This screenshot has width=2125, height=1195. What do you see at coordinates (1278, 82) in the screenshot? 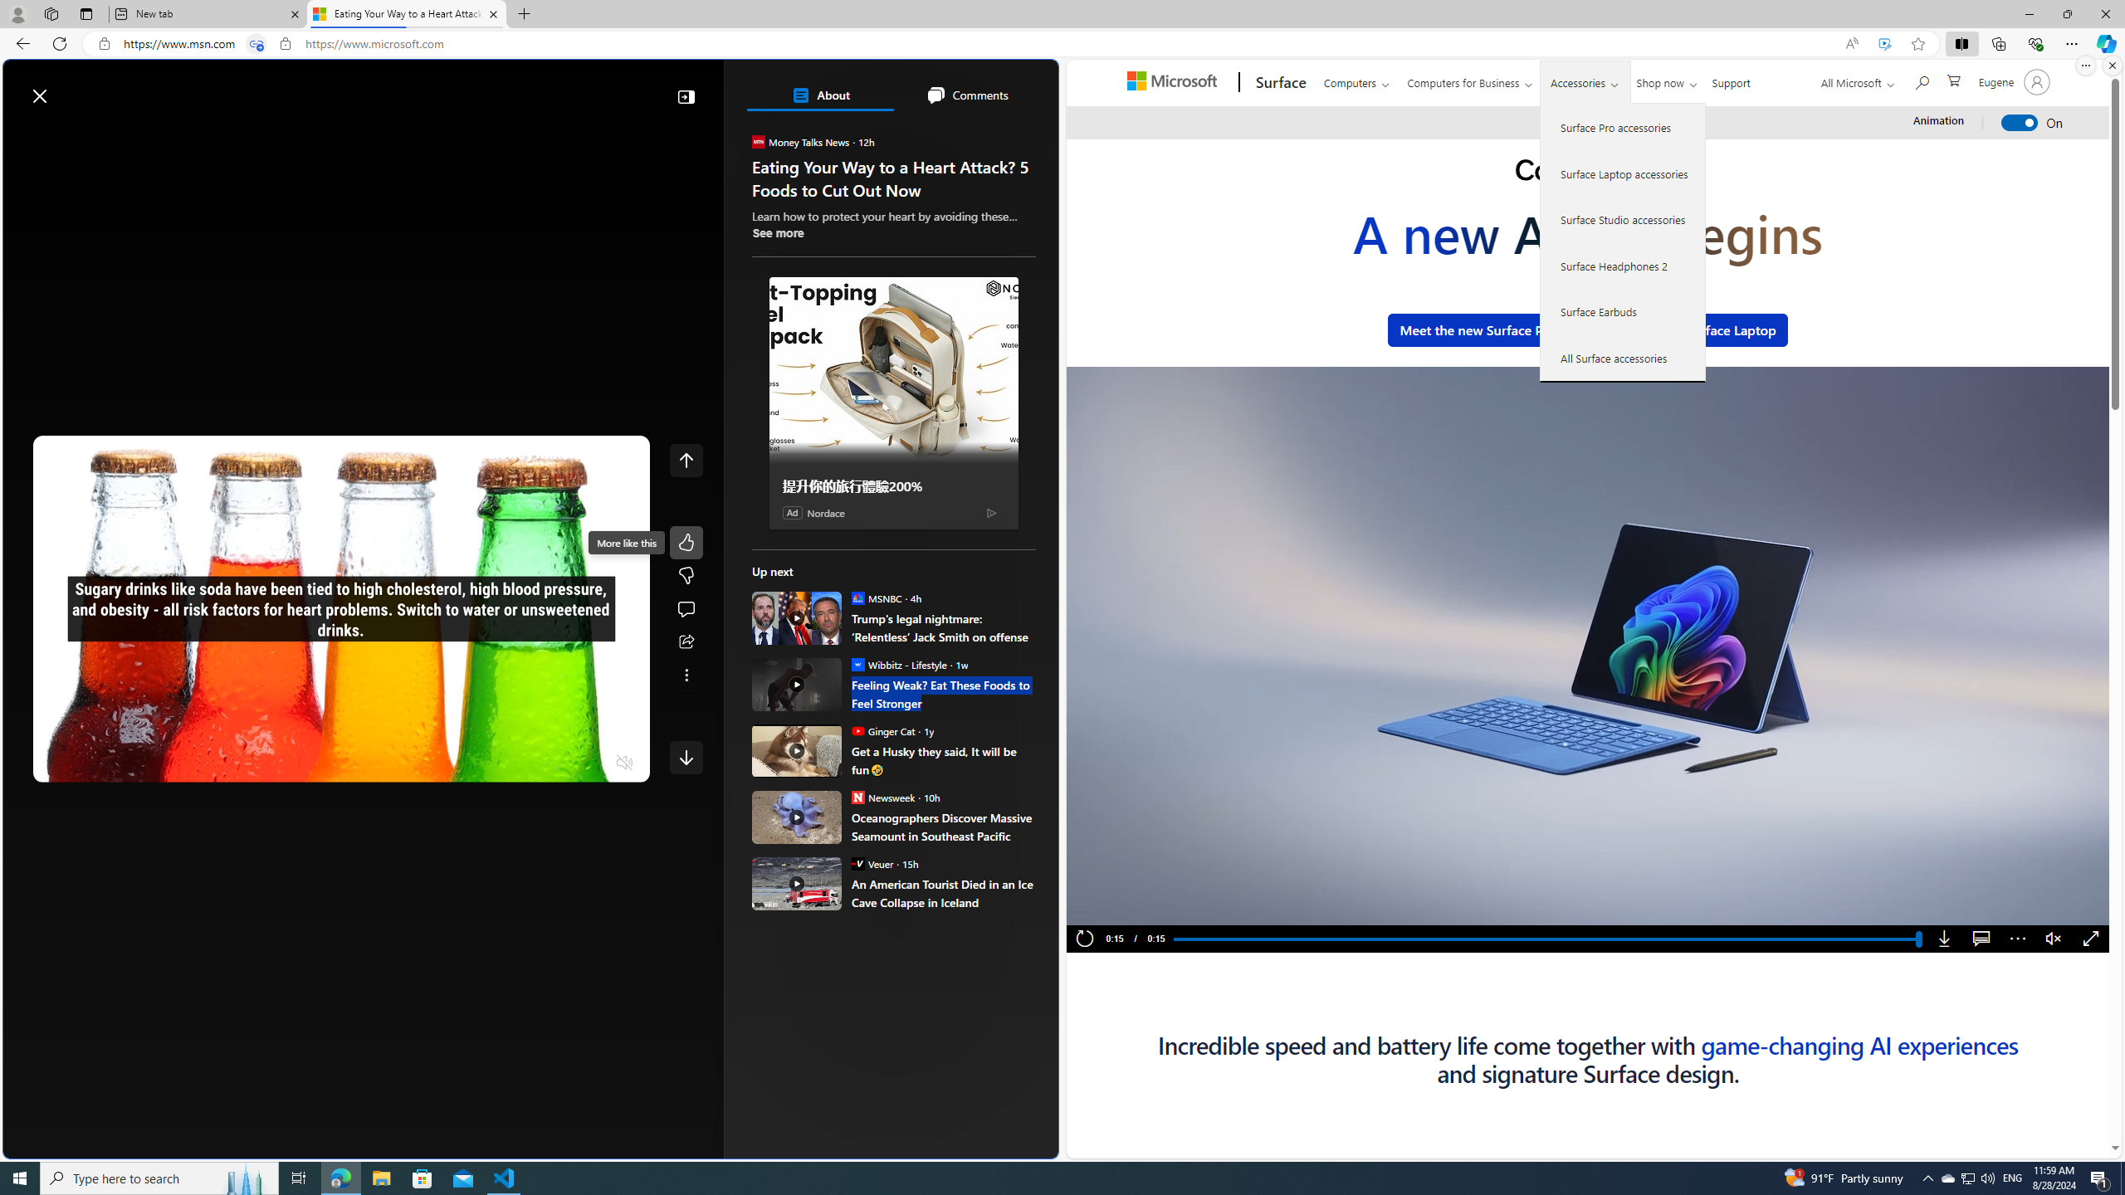
I see `'Surface'` at bounding box center [1278, 82].